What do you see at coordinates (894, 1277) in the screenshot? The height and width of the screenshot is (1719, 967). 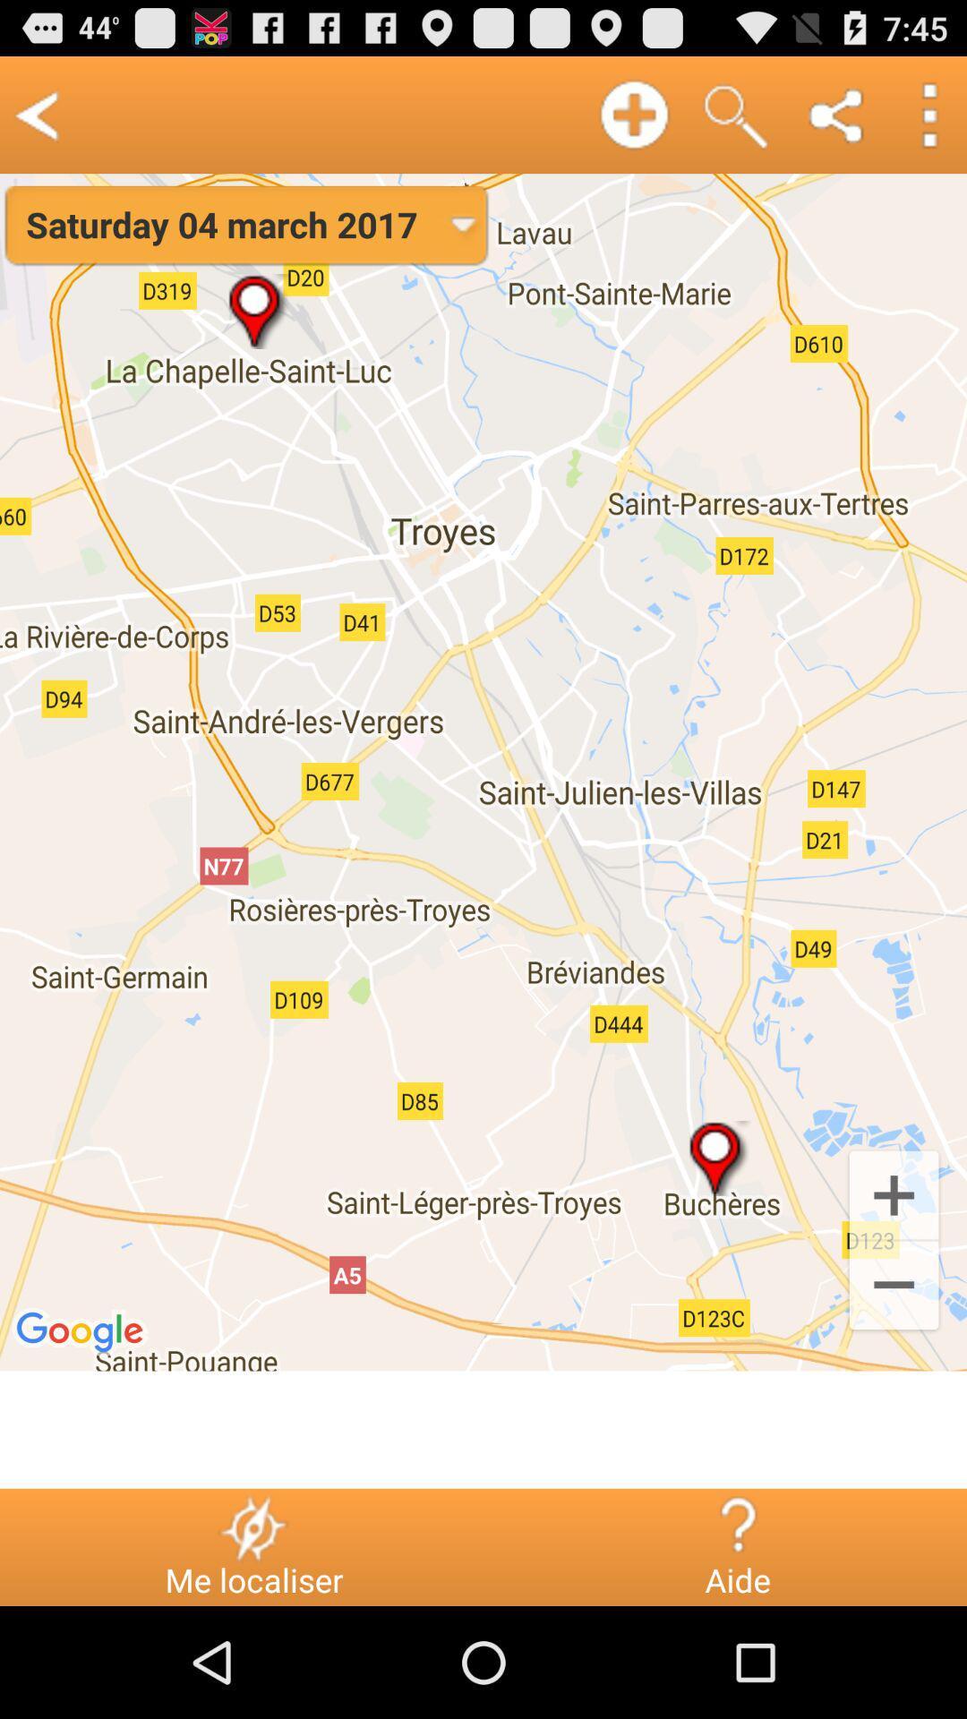 I see `the add icon` at bounding box center [894, 1277].